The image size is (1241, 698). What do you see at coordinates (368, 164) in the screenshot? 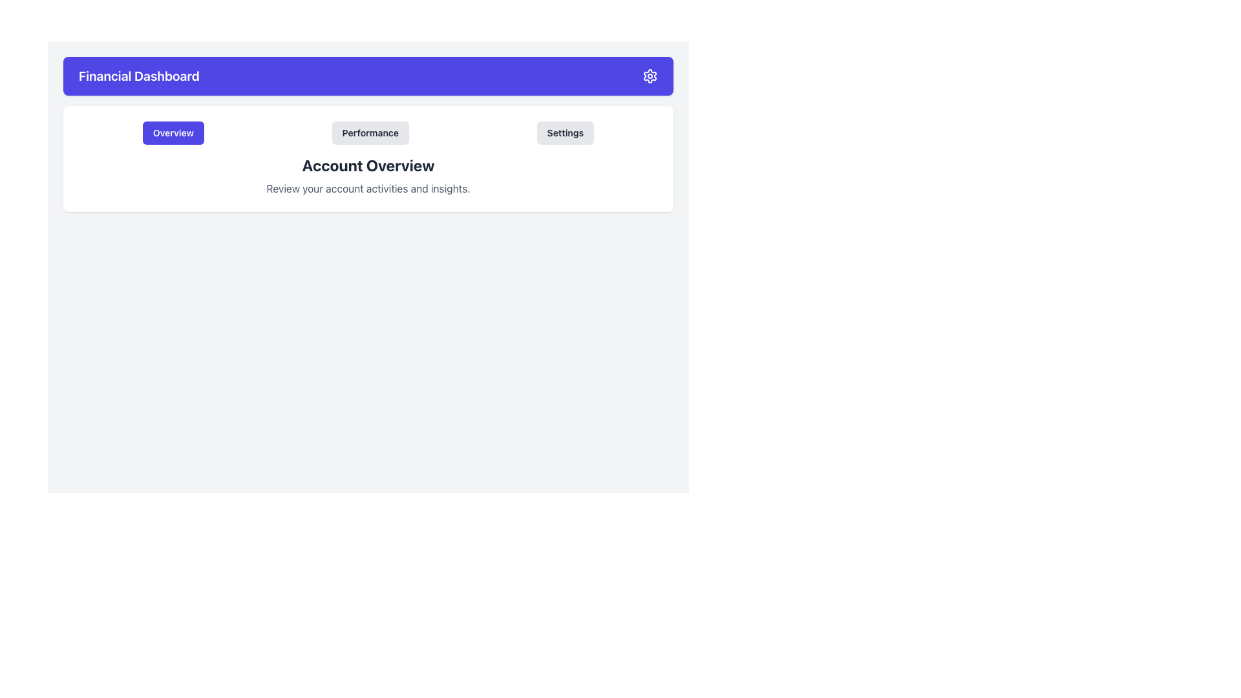
I see `centered bold text element labeled 'Account Overview', which is located below a set of three navigation buttons and above another text block` at bounding box center [368, 164].